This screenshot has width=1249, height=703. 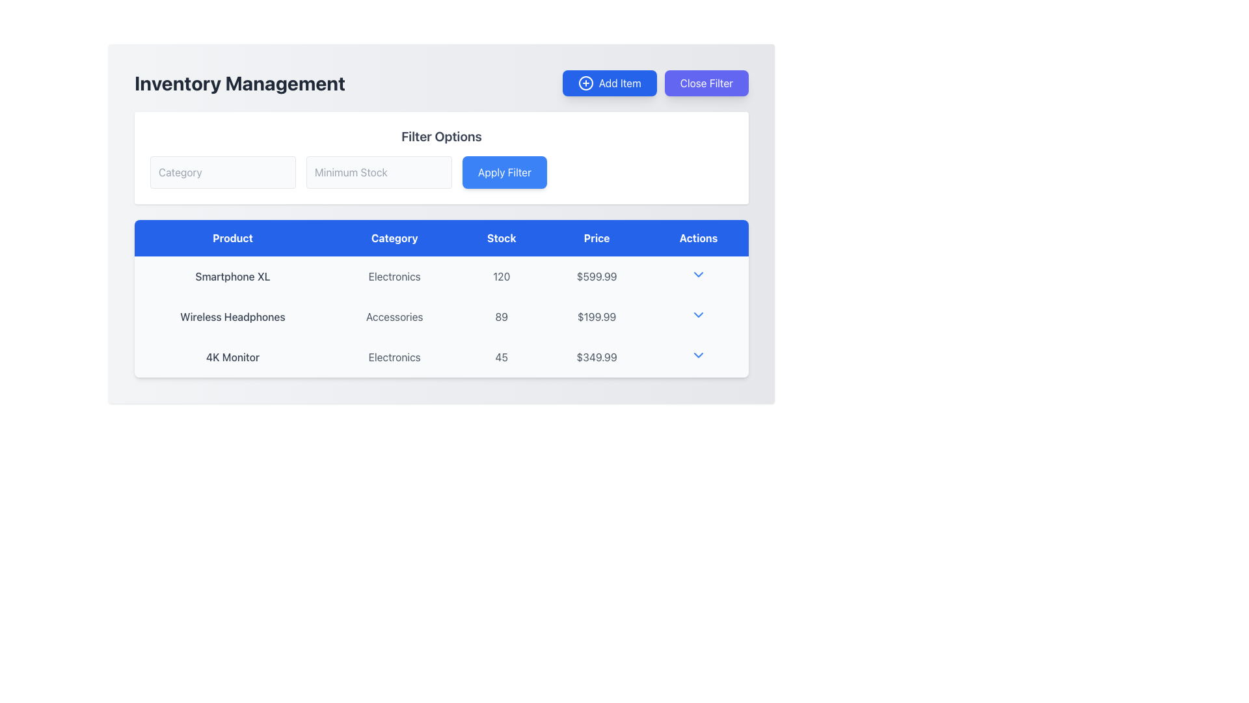 What do you see at coordinates (394, 316) in the screenshot?
I see `the Text Label that denotes the category of the product 'Wireless Headphones', positioned between 'Wireless Headphones' and '89' in the second row of the main table` at bounding box center [394, 316].